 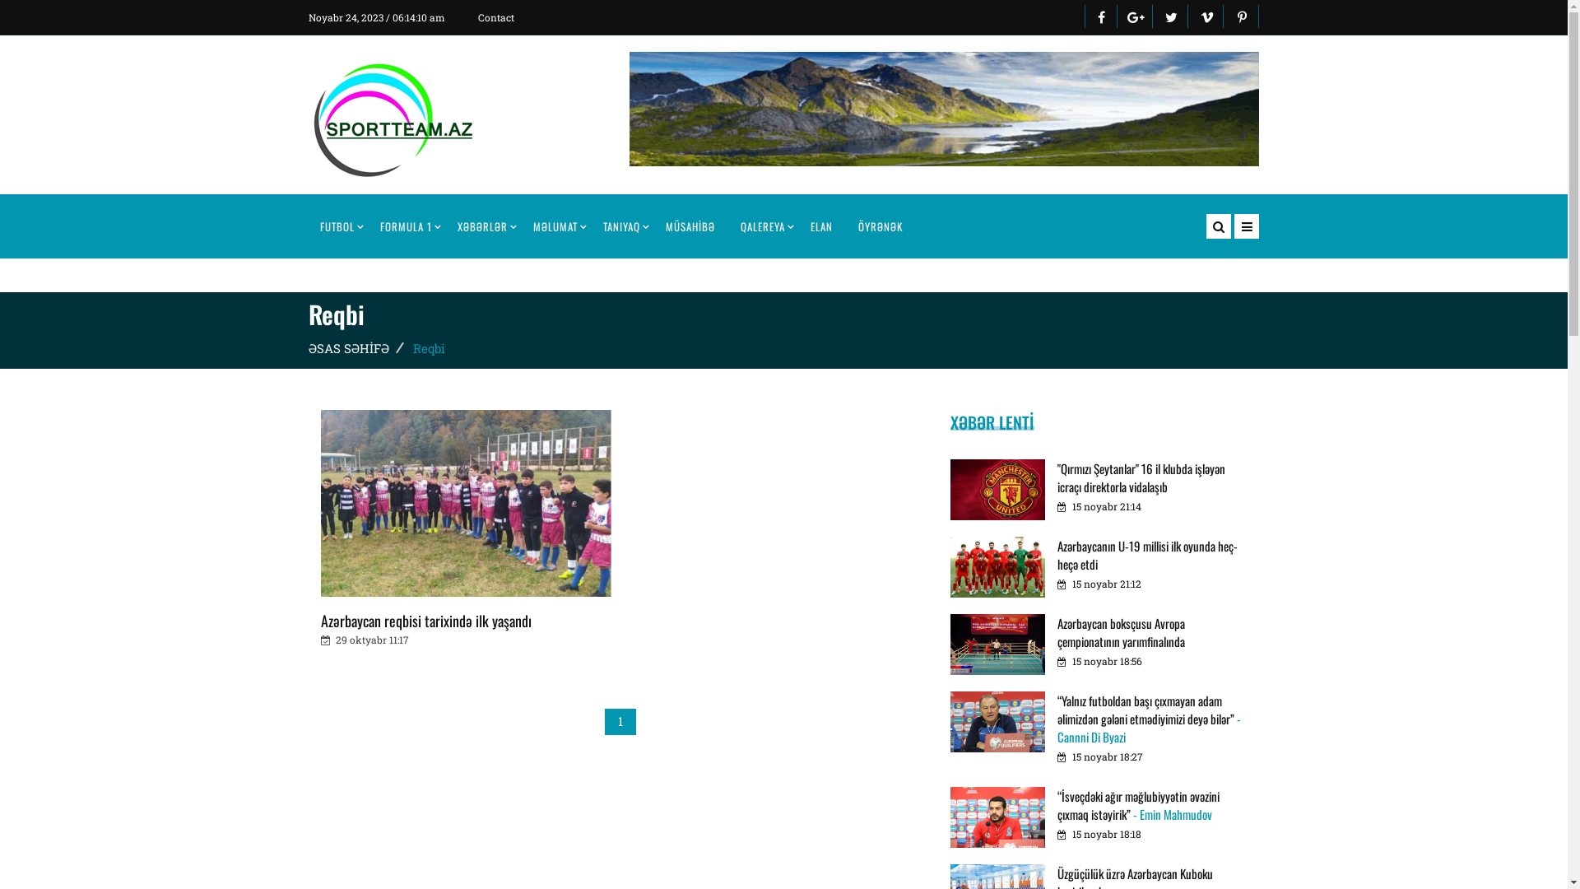 I want to click on 'FORMULA 1', so click(x=406, y=226).